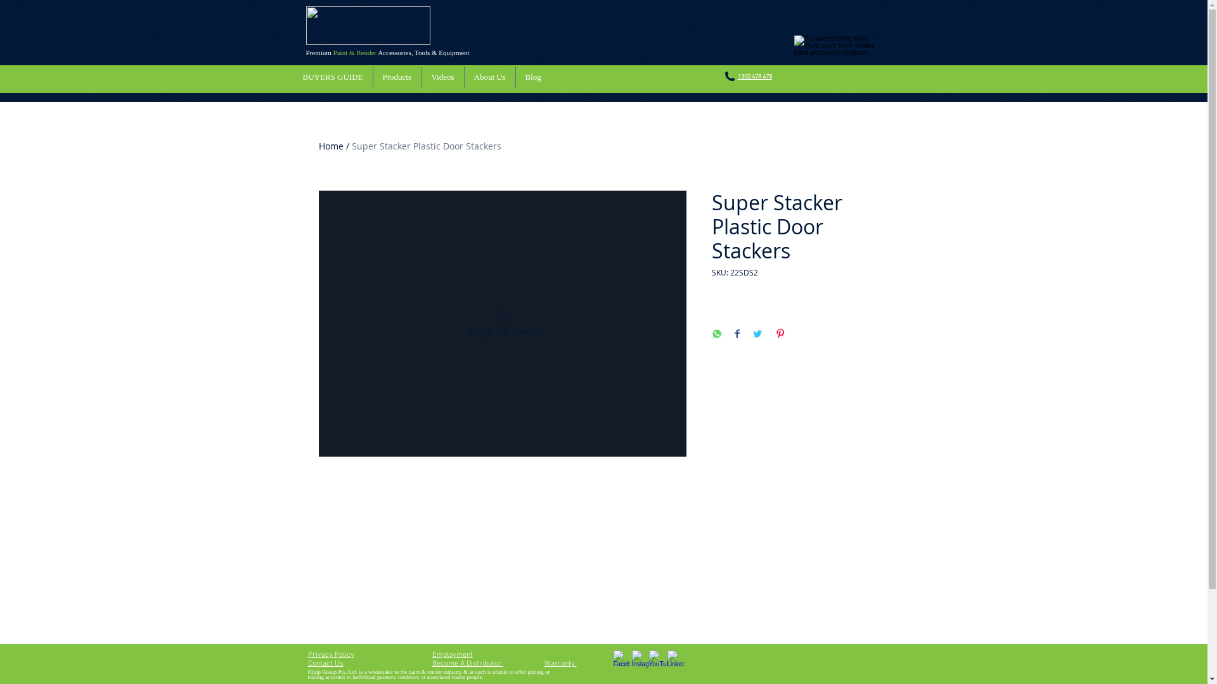  Describe the element at coordinates (332, 77) in the screenshot. I see `'BUYERS GUIDE'` at that location.